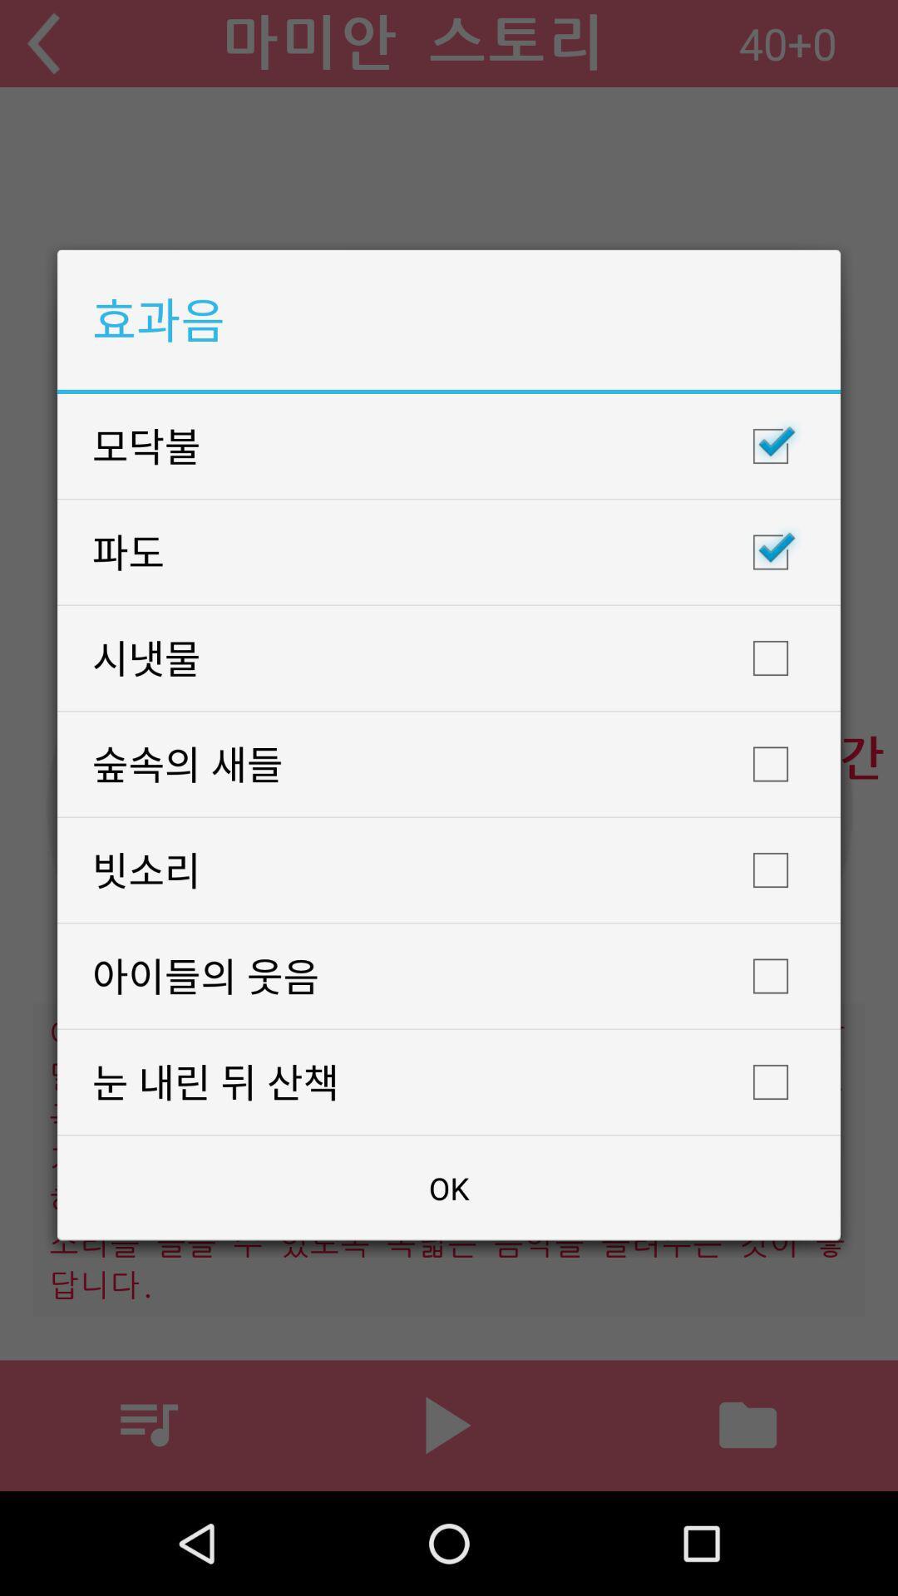  What do you see at coordinates (449, 1187) in the screenshot?
I see `the ok item` at bounding box center [449, 1187].